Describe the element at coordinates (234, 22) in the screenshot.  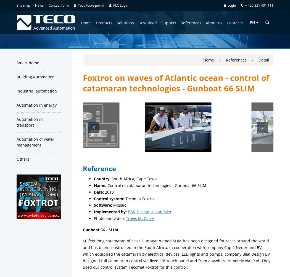
I see `'Contacts'` at that location.